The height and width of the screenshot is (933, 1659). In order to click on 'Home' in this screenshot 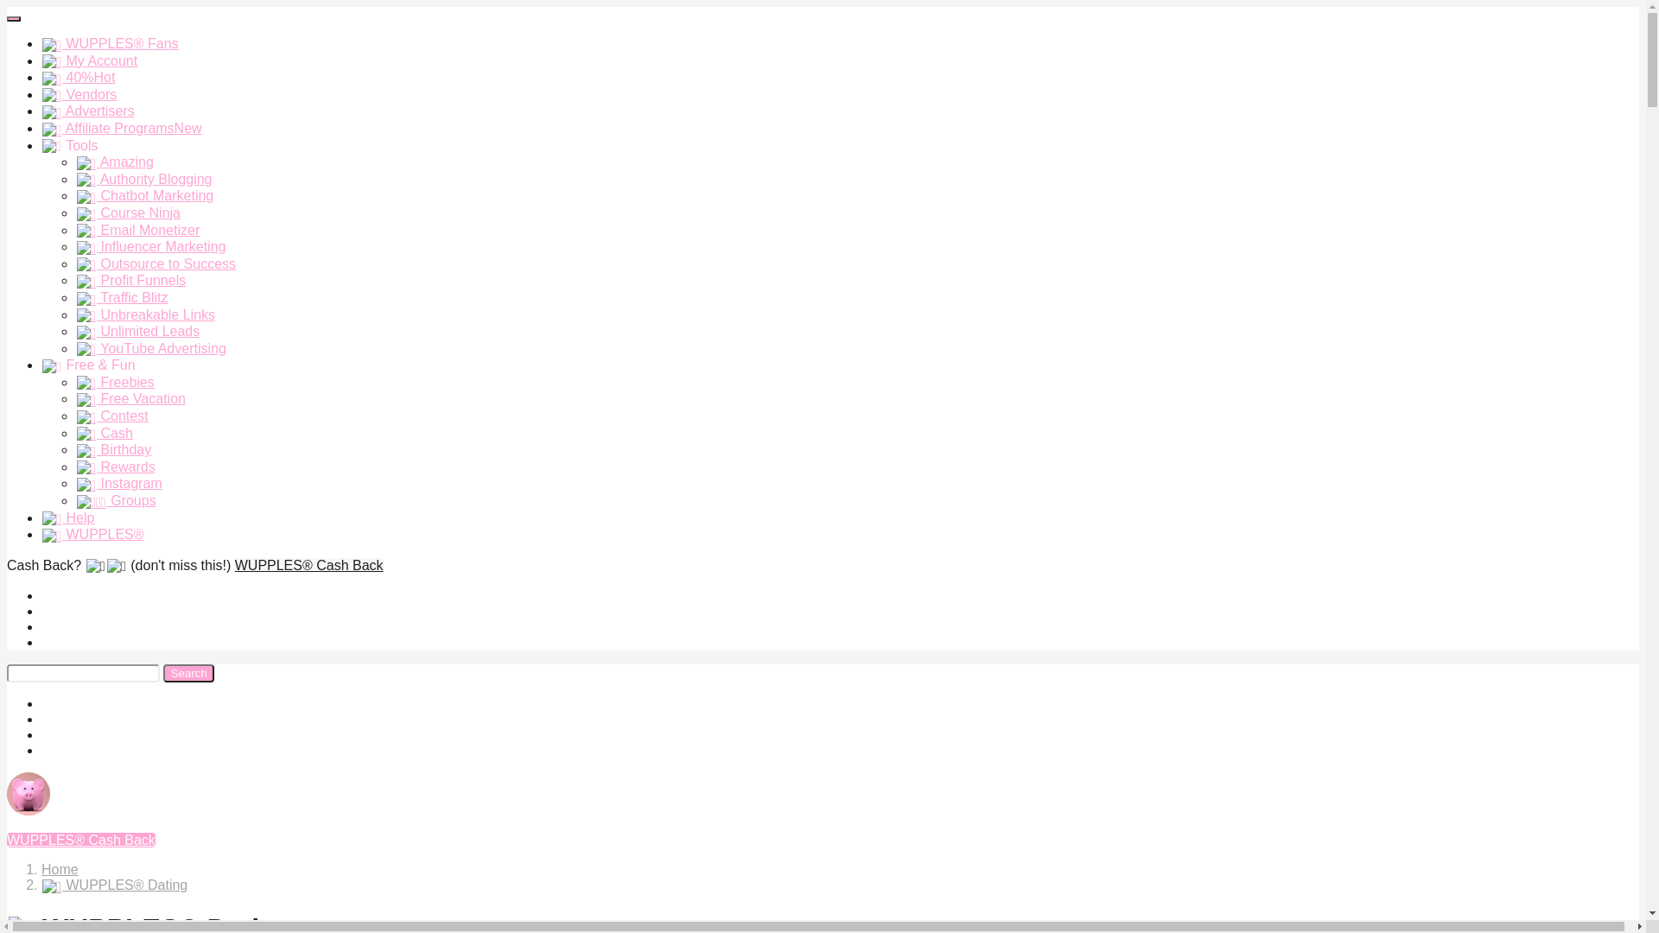, I will do `click(60, 869)`.